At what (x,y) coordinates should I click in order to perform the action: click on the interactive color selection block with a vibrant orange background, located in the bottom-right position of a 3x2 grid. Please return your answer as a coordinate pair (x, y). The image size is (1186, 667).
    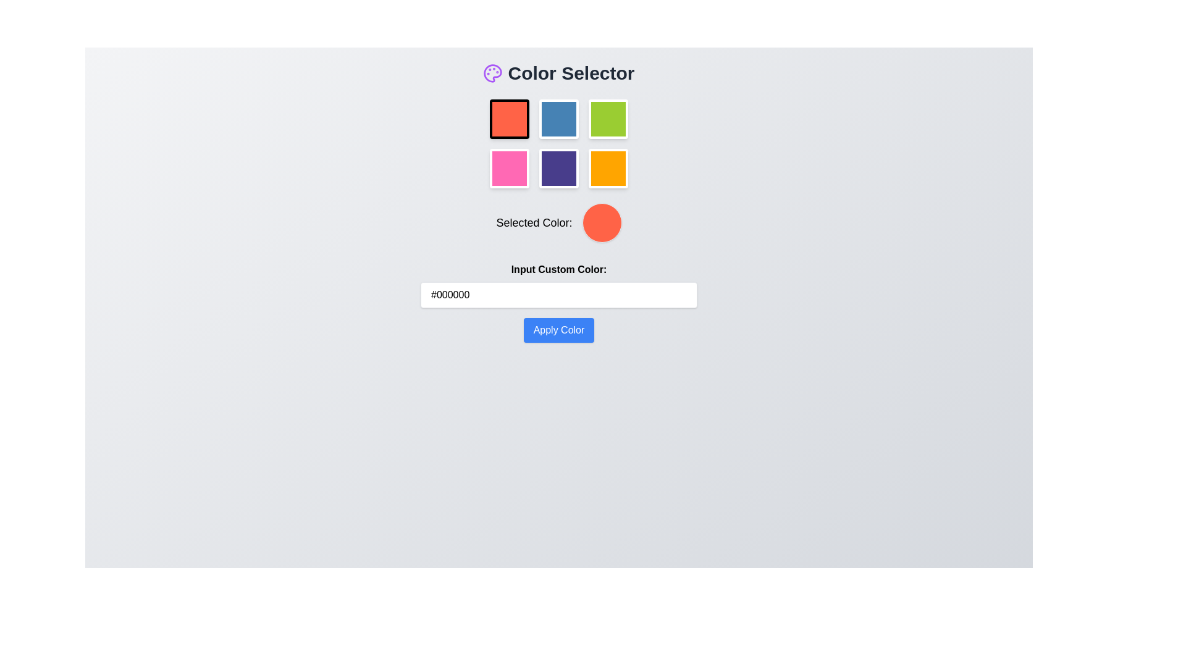
    Looking at the image, I should click on (608, 169).